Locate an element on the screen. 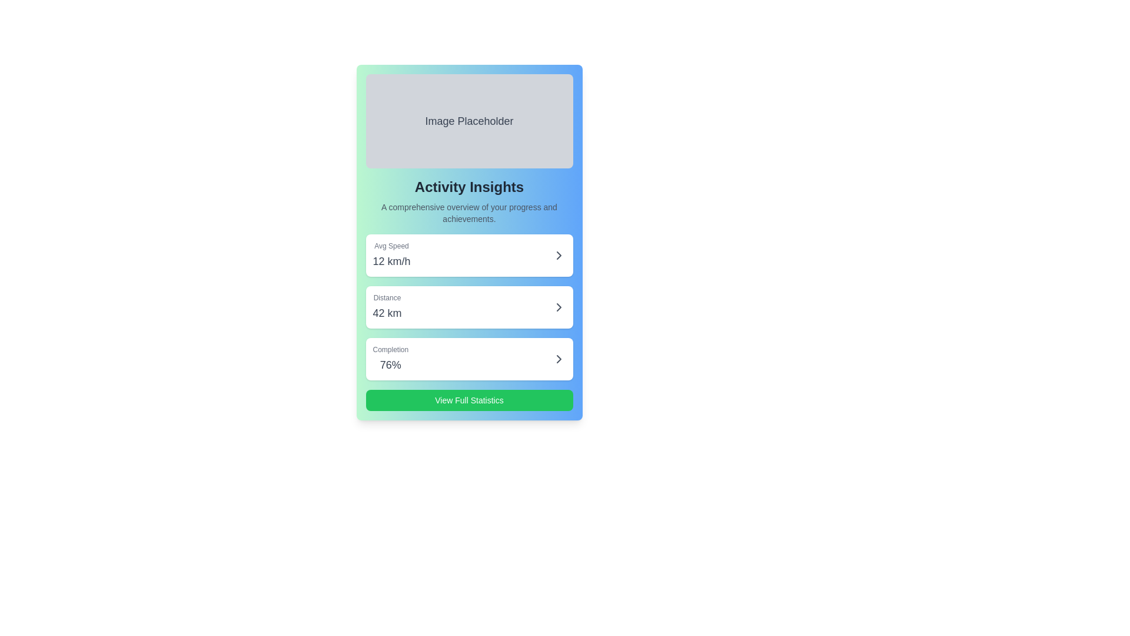 The width and height of the screenshot is (1130, 636). the static text label displaying '42 km', which is styled in medium gray and is positioned directly below the 'Distance' label in the central column is located at coordinates (387, 313).